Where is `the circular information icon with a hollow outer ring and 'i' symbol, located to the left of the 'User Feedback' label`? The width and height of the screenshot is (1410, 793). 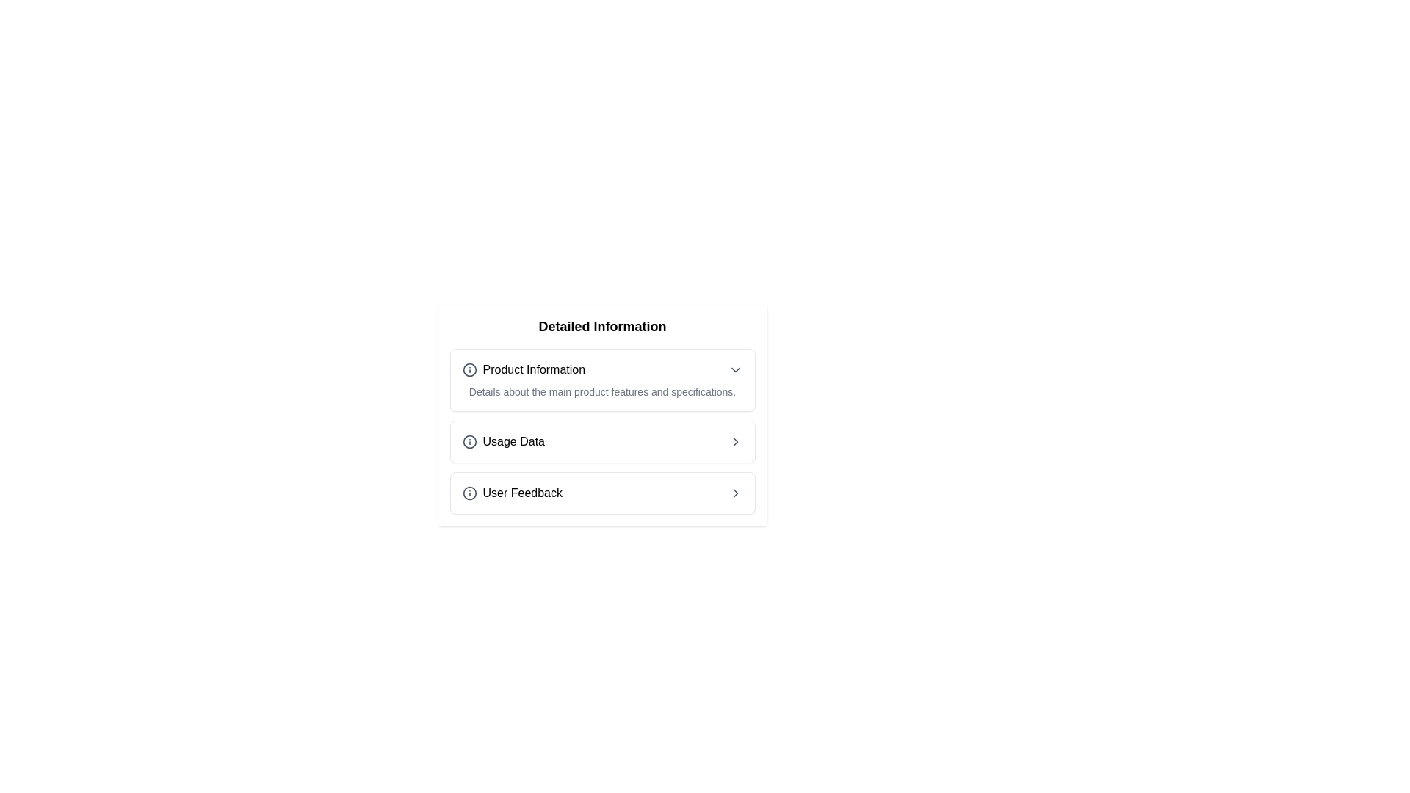 the circular information icon with a hollow outer ring and 'i' symbol, located to the left of the 'User Feedback' label is located at coordinates (469, 493).